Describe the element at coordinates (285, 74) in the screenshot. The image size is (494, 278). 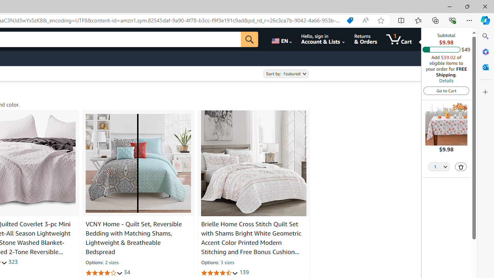
I see `'Sort by:'` at that location.